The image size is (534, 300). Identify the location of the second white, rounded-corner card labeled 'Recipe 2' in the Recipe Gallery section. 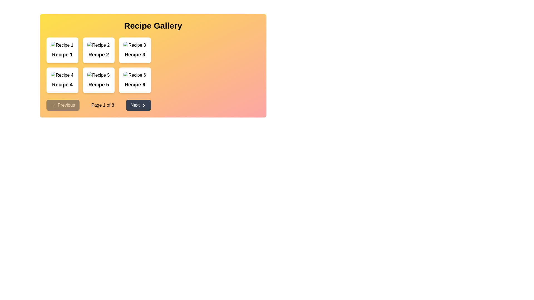
(98, 50).